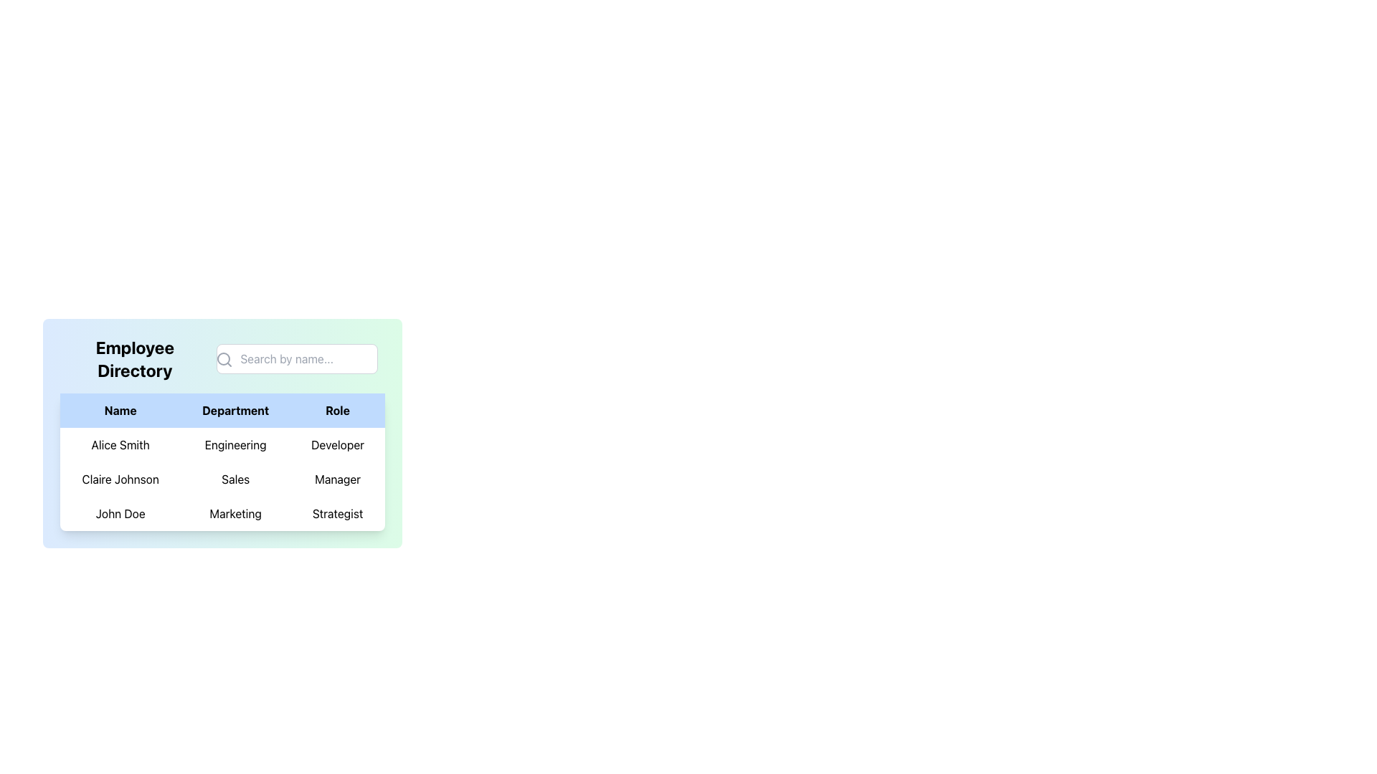  I want to click on the third row of the table containing 'John Doe', 'Marketing', and 'Strategist', which is the last row in the table, so click(222, 513).